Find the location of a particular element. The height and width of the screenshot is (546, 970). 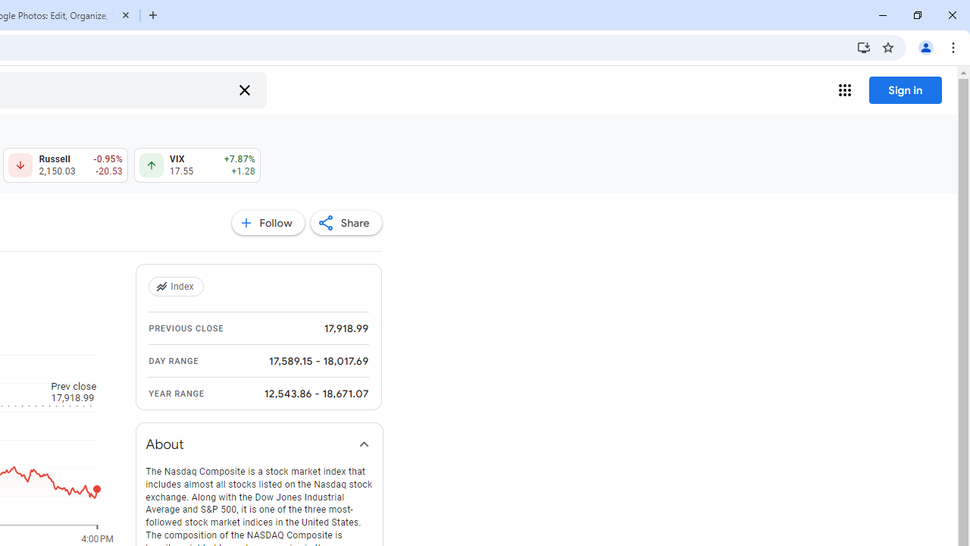

'VIX 17.55 Up by 7.87% +1.28' is located at coordinates (196, 165).